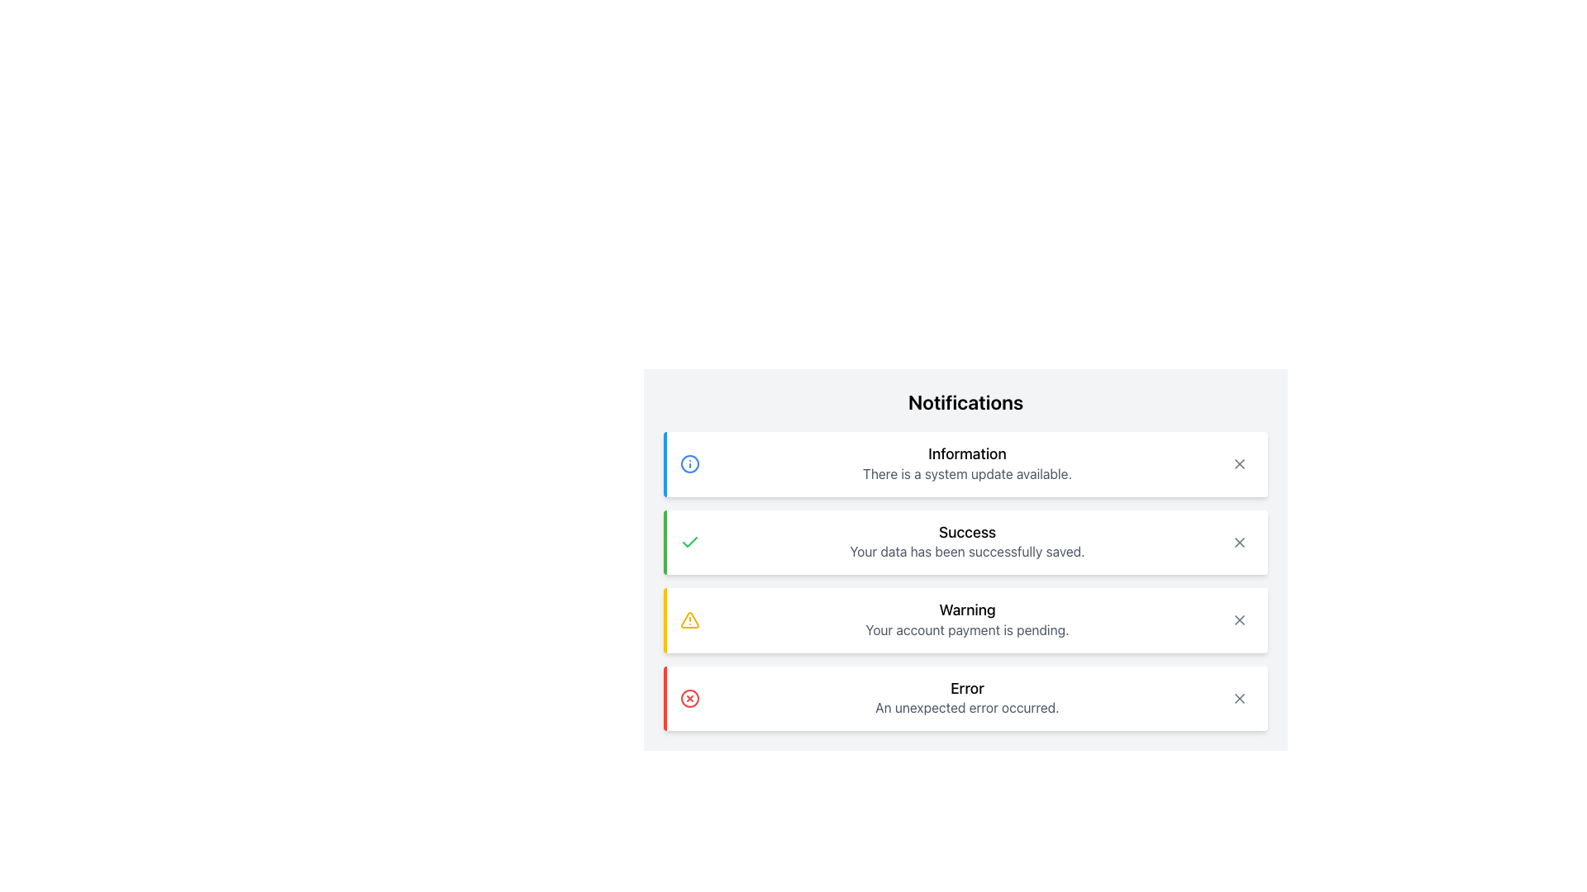 This screenshot has height=892, width=1587. What do you see at coordinates (690, 698) in the screenshot?
I see `the circular SVG graphic element with a red border and an 'X' symbol, located at the bottom error notification entry next to the 'Error' label` at bounding box center [690, 698].